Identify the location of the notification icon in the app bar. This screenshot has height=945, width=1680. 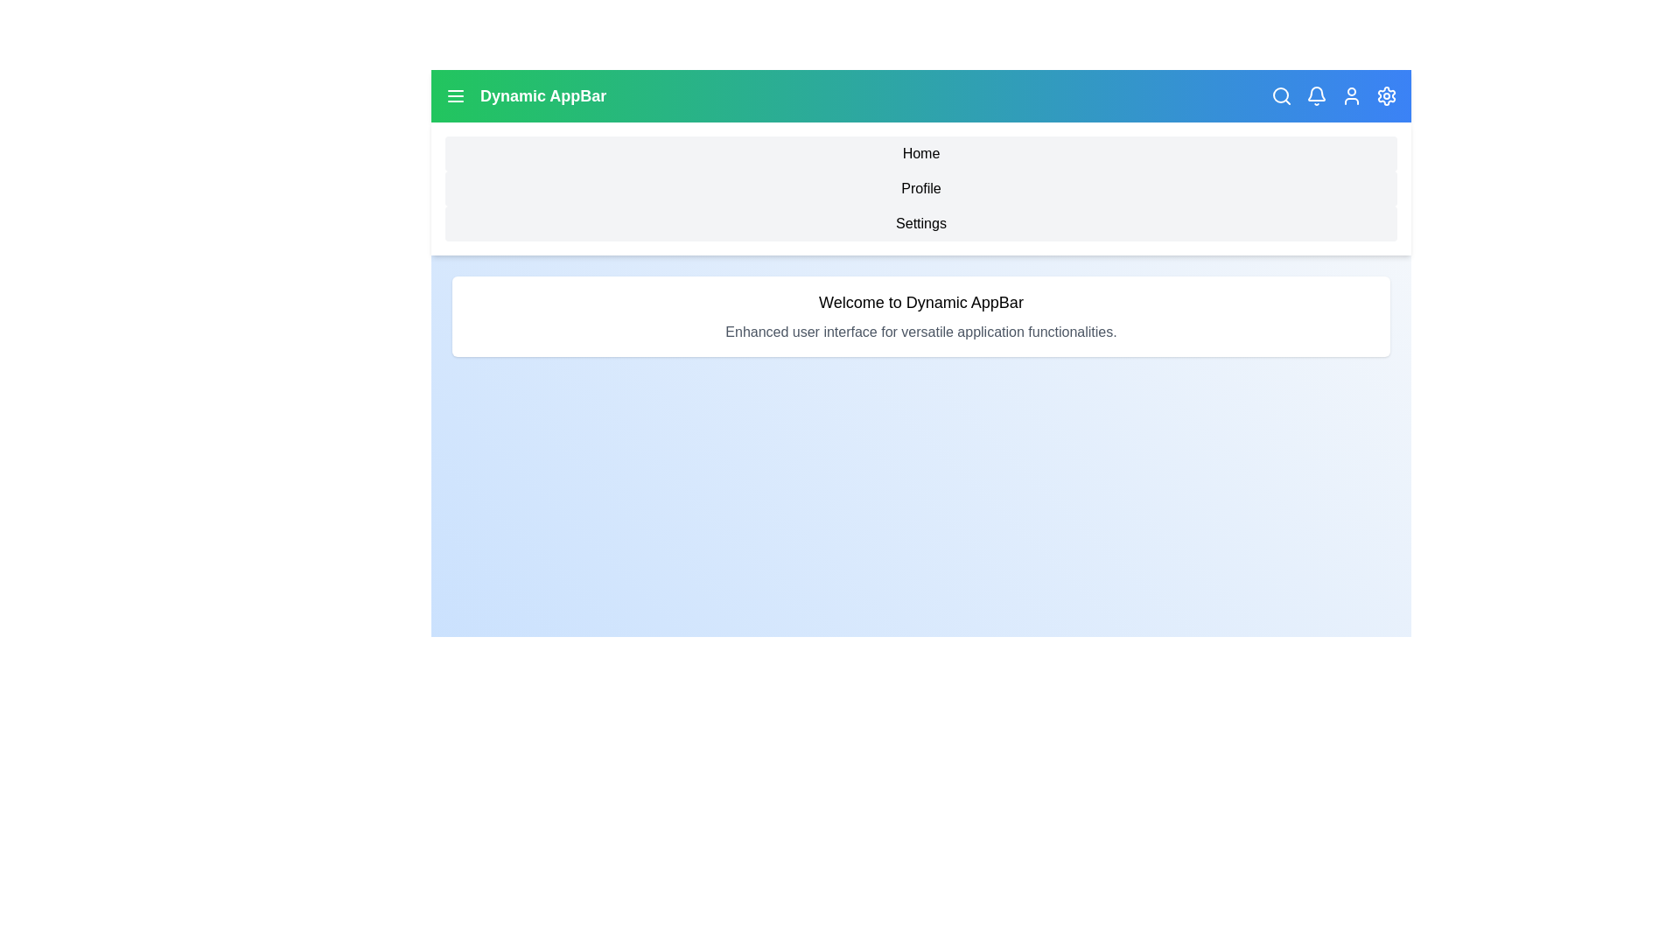
(1317, 96).